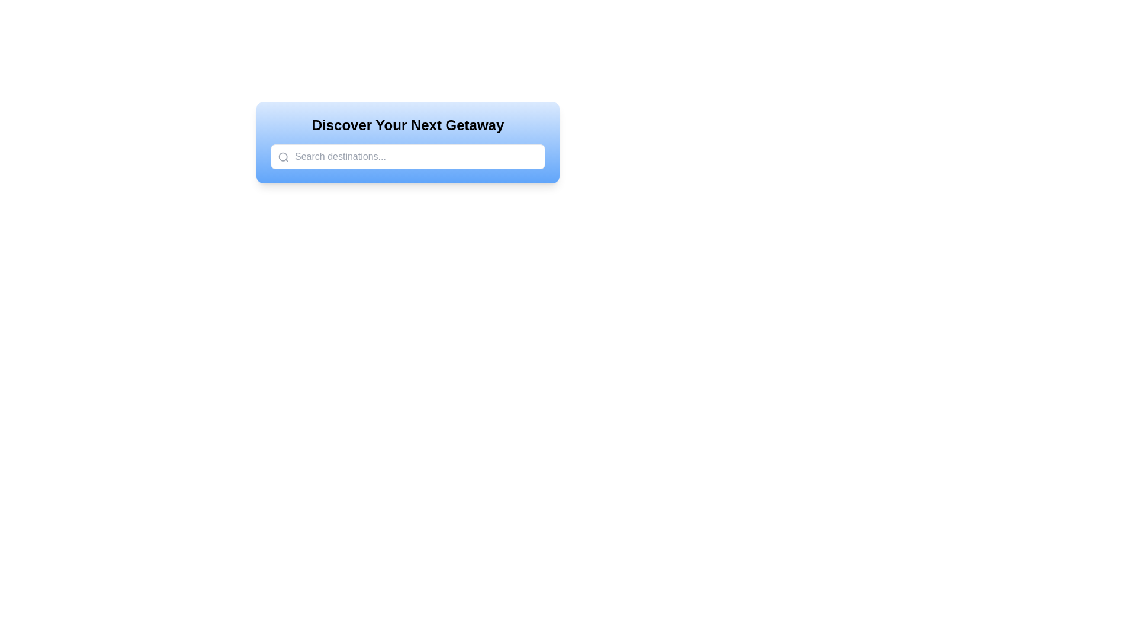 The height and width of the screenshot is (639, 1137). What do you see at coordinates (283, 157) in the screenshot?
I see `the circular magnifying glass icon, which is styled with a thin stroke and no fill, located to the far left inside the text input box below the 'Discover Your Next Getaway' header` at bounding box center [283, 157].